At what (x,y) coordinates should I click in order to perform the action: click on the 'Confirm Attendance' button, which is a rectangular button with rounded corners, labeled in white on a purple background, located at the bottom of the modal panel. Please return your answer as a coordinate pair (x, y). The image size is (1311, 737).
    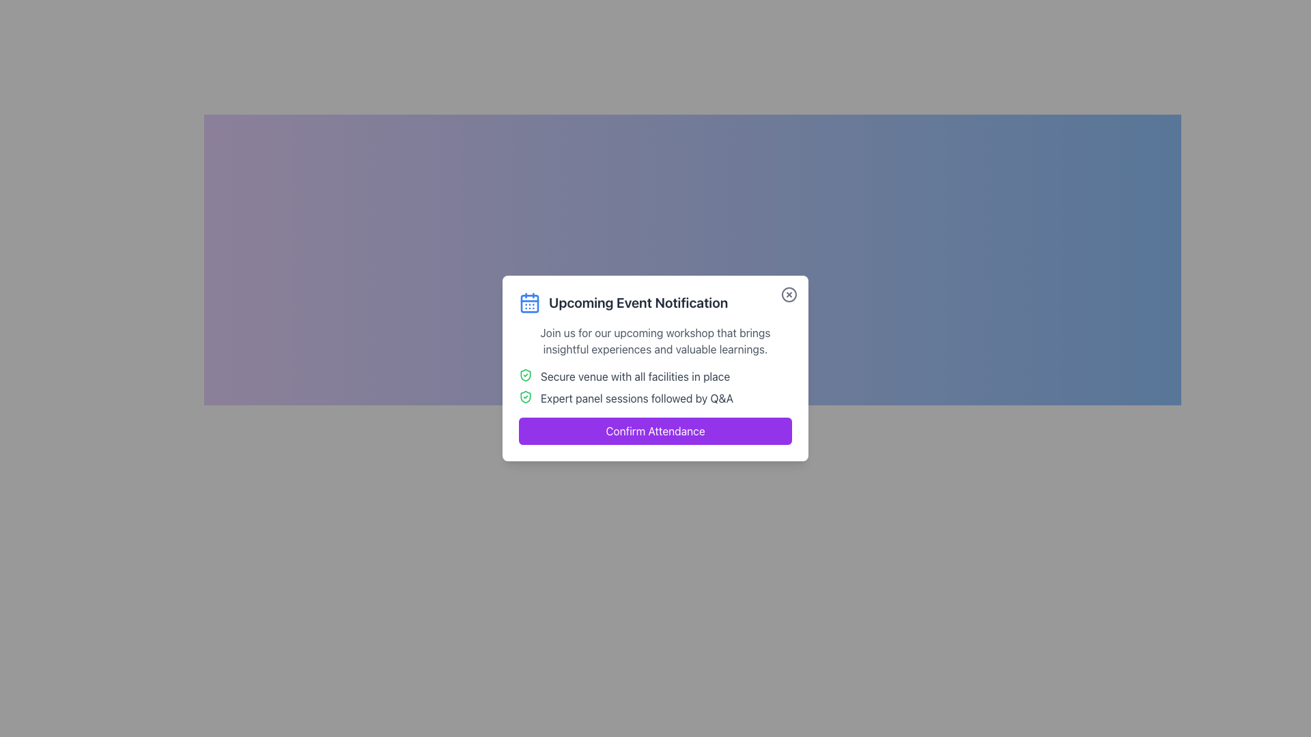
    Looking at the image, I should click on (655, 431).